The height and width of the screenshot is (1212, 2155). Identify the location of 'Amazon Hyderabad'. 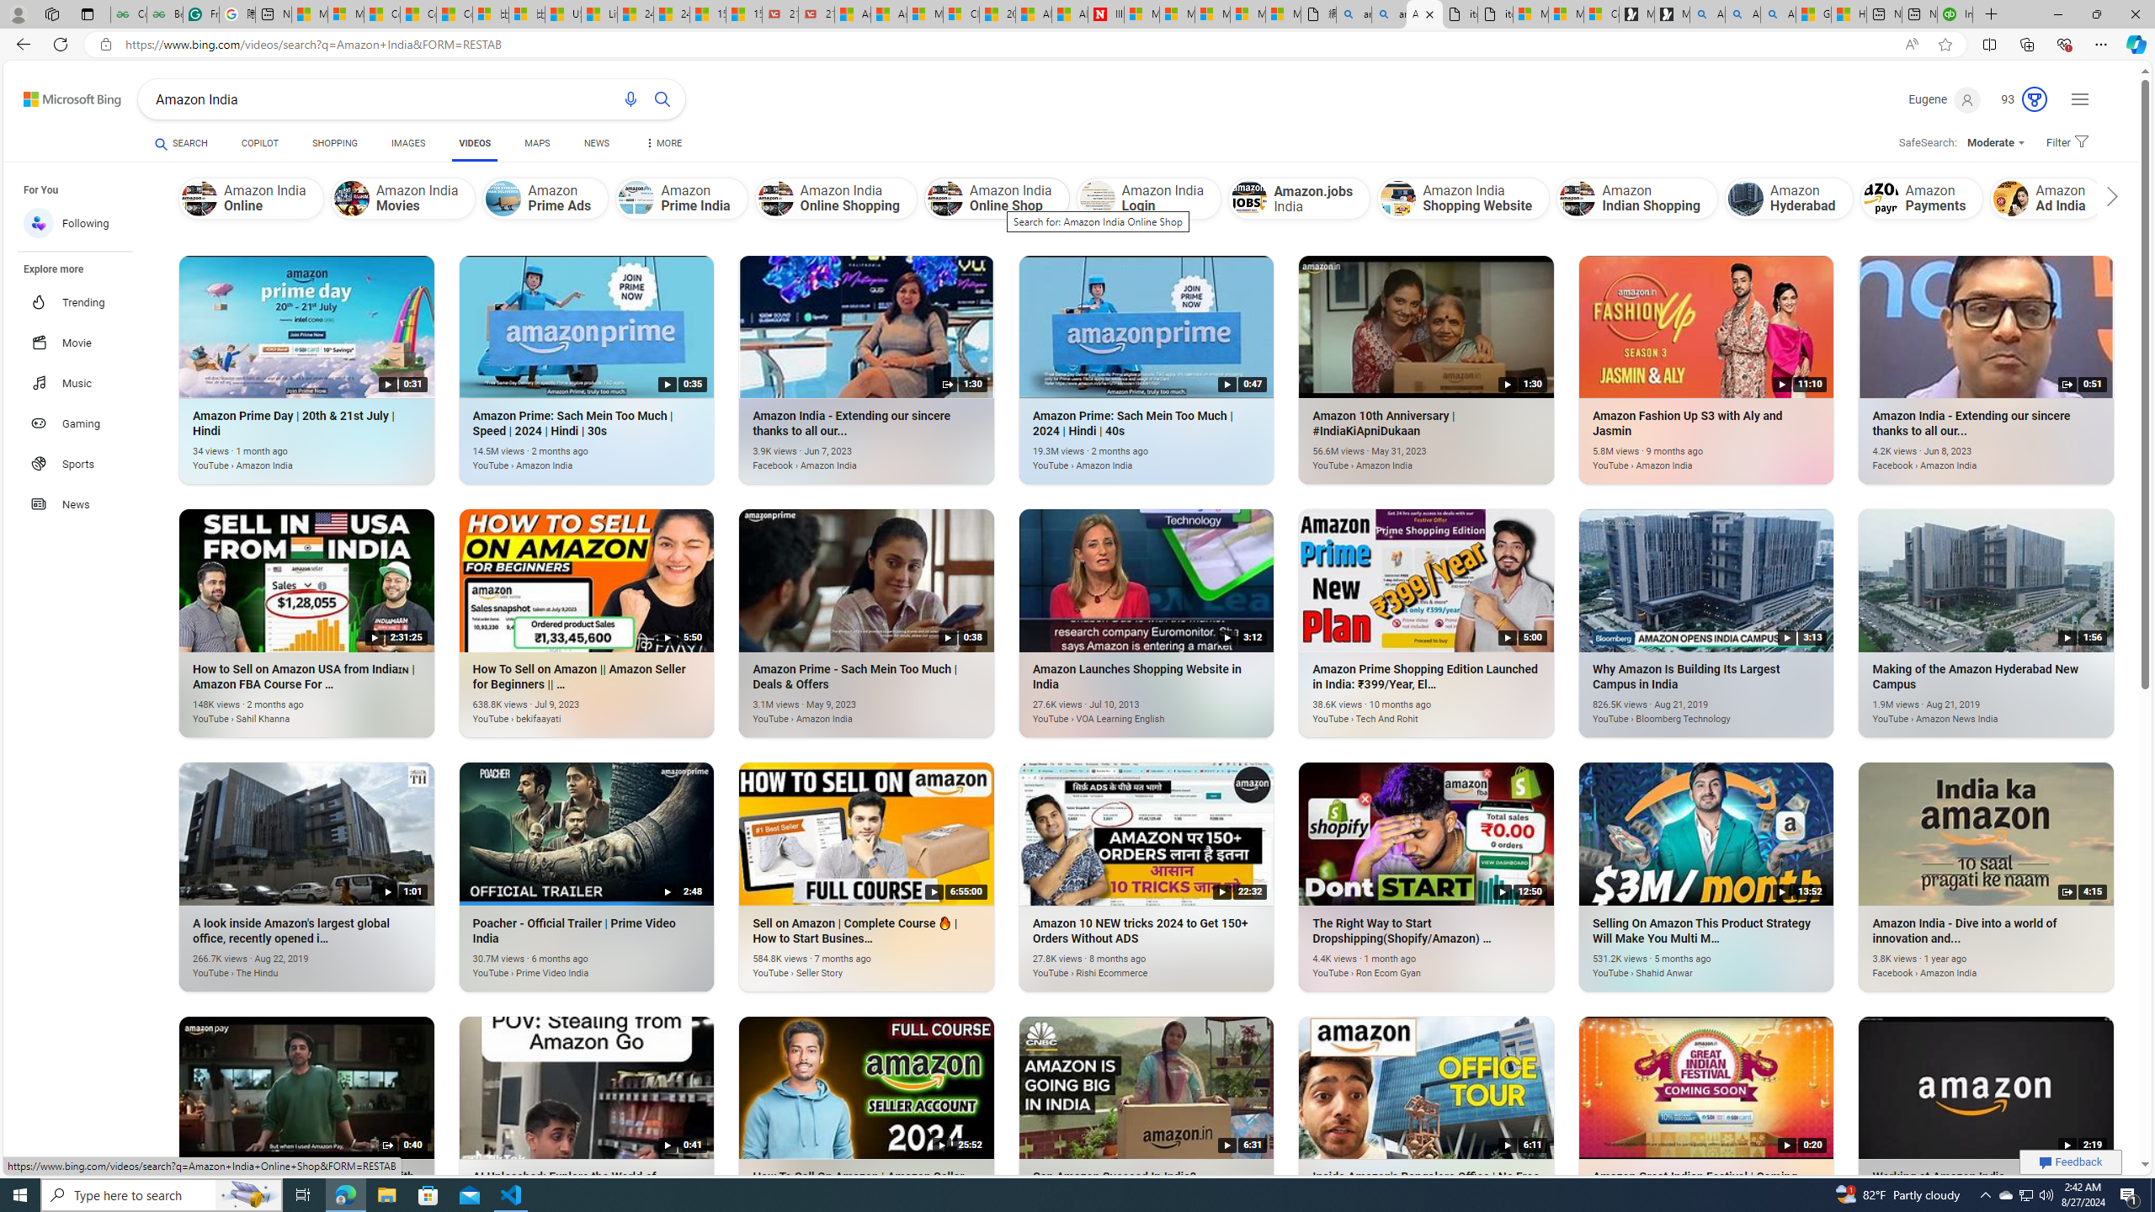
(1744, 197).